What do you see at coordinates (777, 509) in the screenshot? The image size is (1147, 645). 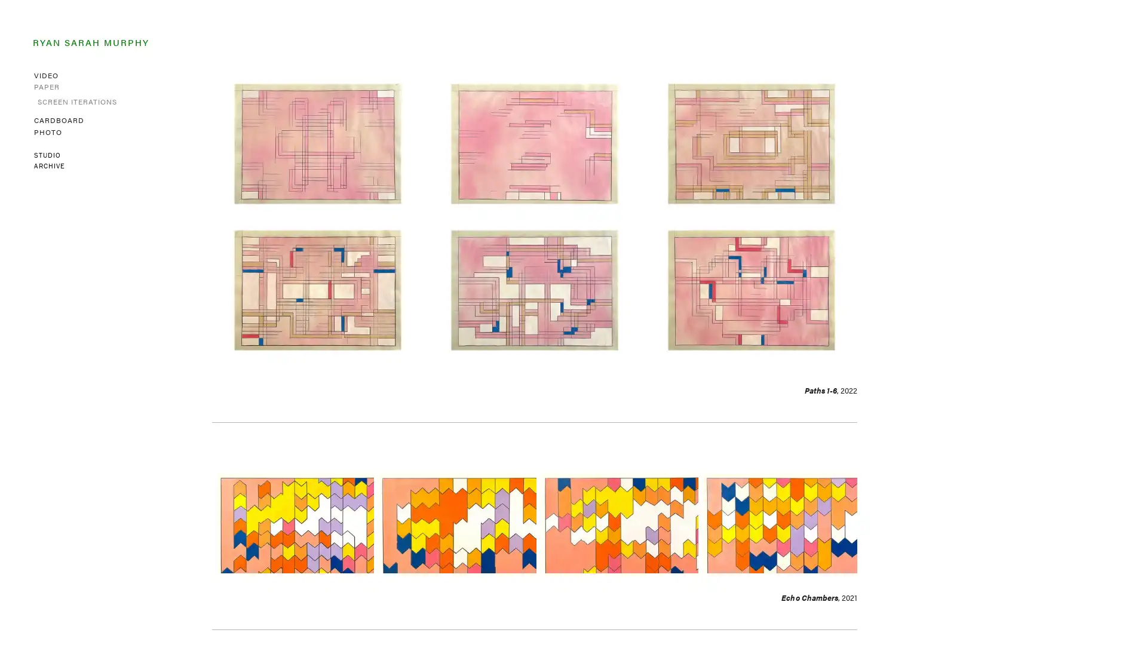 I see `View fullsize Echo Chamber 4 , 2021 Acrylic and graphite on paper 8 x 14 inches` at bounding box center [777, 509].